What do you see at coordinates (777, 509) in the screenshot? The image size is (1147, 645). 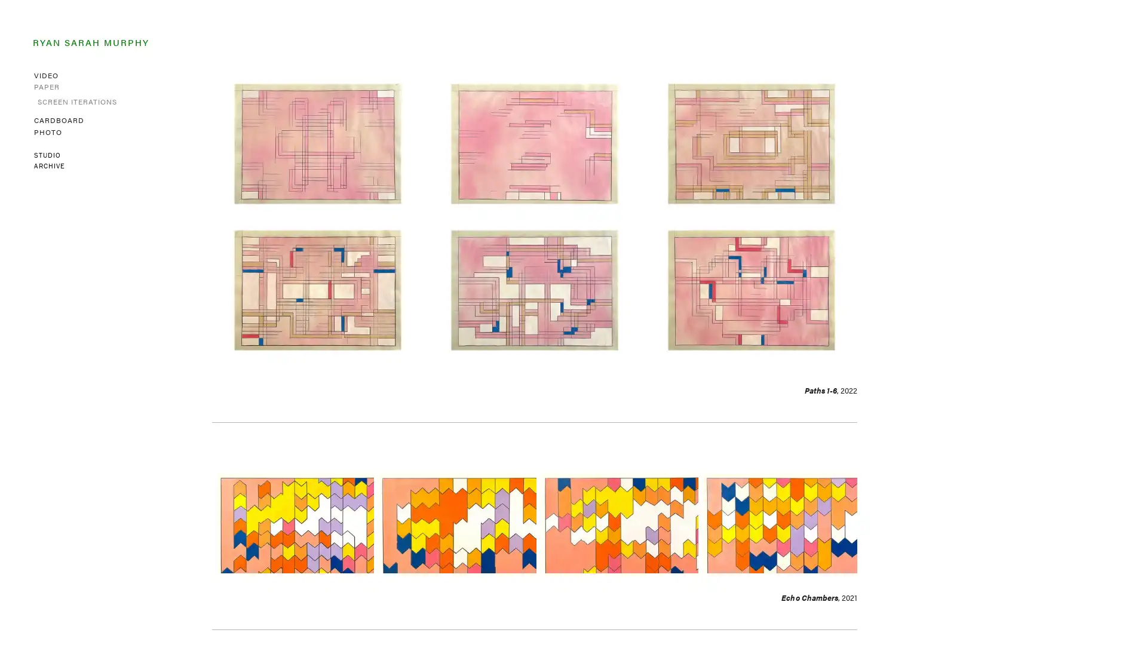 I see `View fullsize Echo Chamber 4 , 2021 Acrylic and graphite on paper 8 x 14 inches` at bounding box center [777, 509].